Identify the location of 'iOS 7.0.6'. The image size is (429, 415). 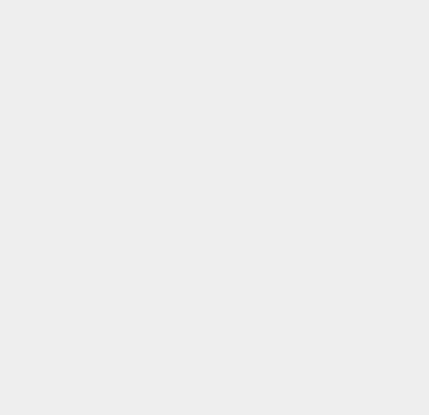
(303, 295).